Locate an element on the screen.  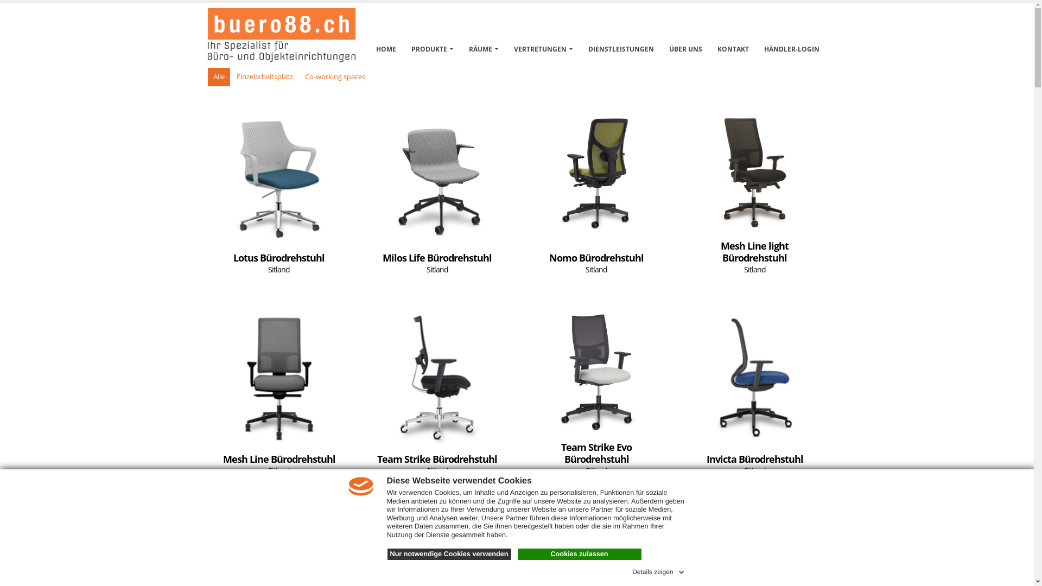
'Nur notwendige Cookies verwenden' is located at coordinates (449, 555).